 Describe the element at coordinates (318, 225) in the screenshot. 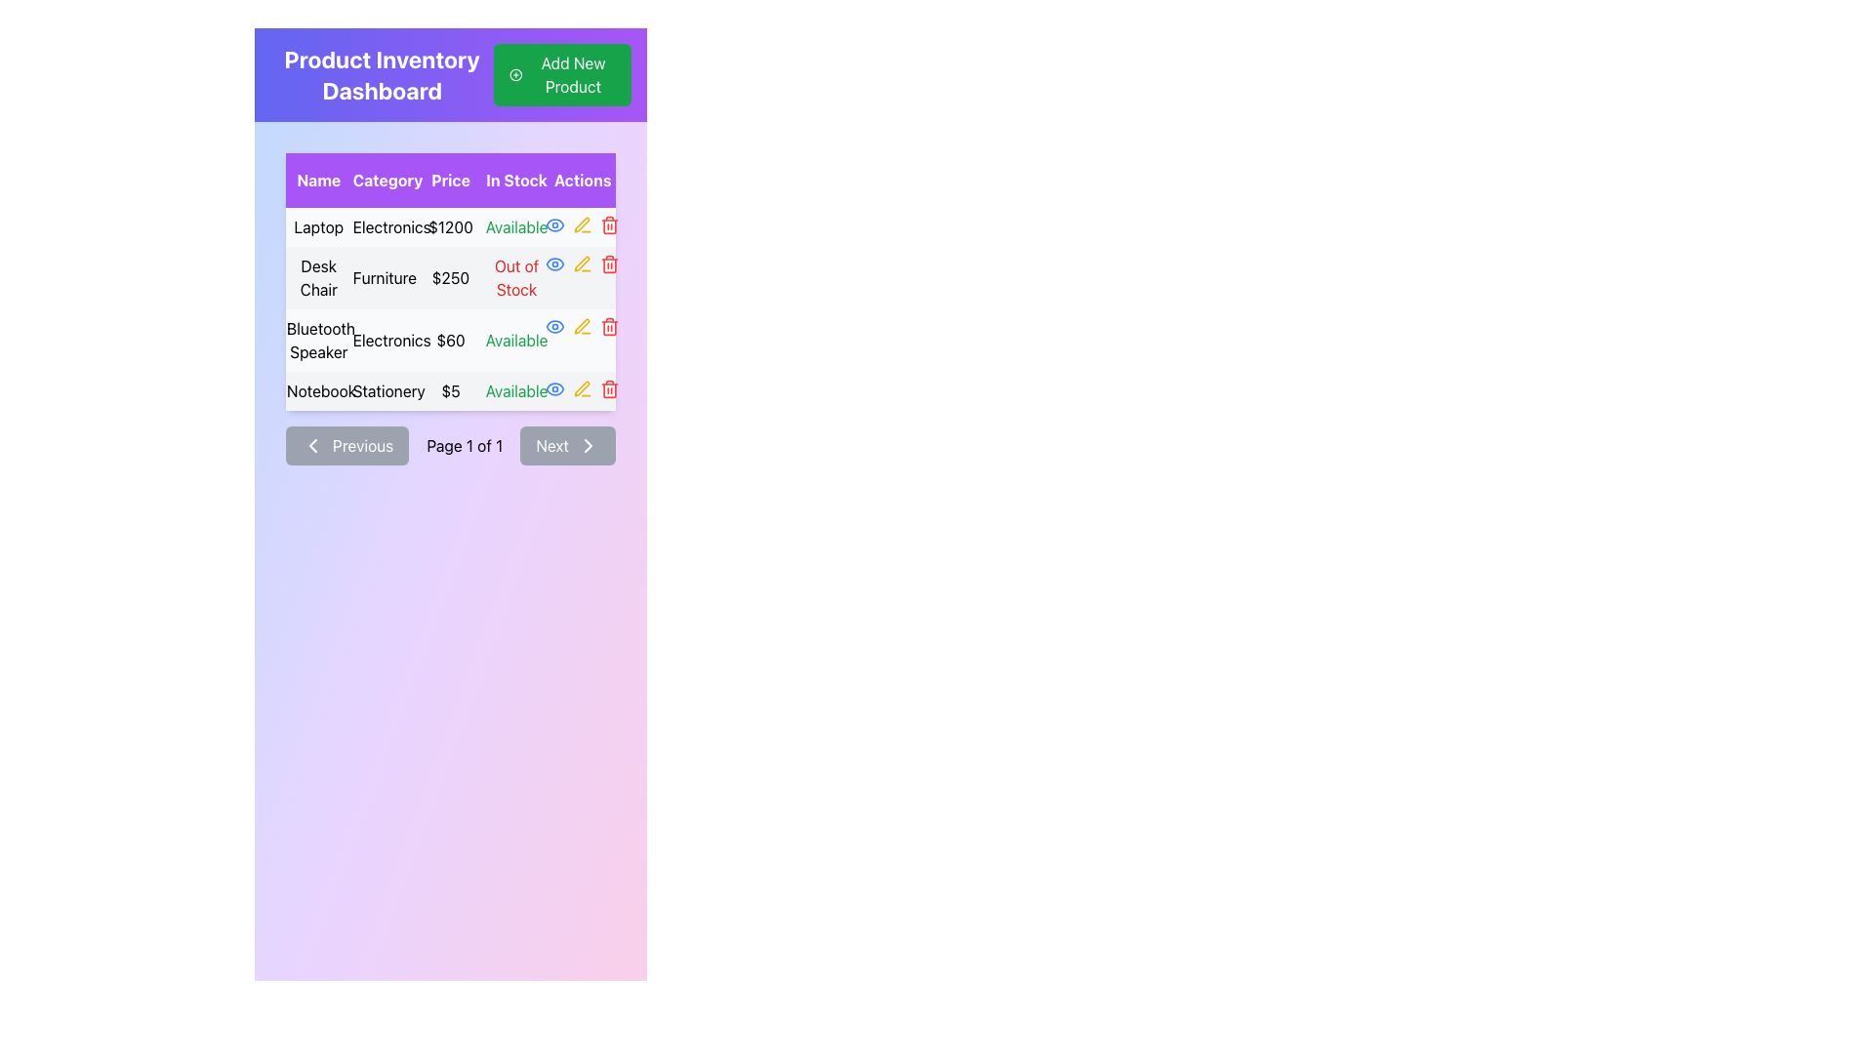

I see `the informational text element located in the top-left cell of the table, which displays the name or description of the first product entry` at that location.